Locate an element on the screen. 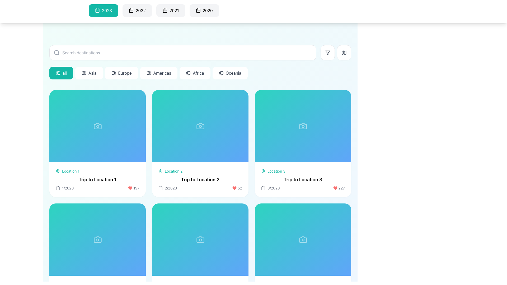  text element displaying 'Trip to Location 3', which is styled in bold and larger font, located at the center of the third card in the first row of the grid layout is located at coordinates (303, 179).